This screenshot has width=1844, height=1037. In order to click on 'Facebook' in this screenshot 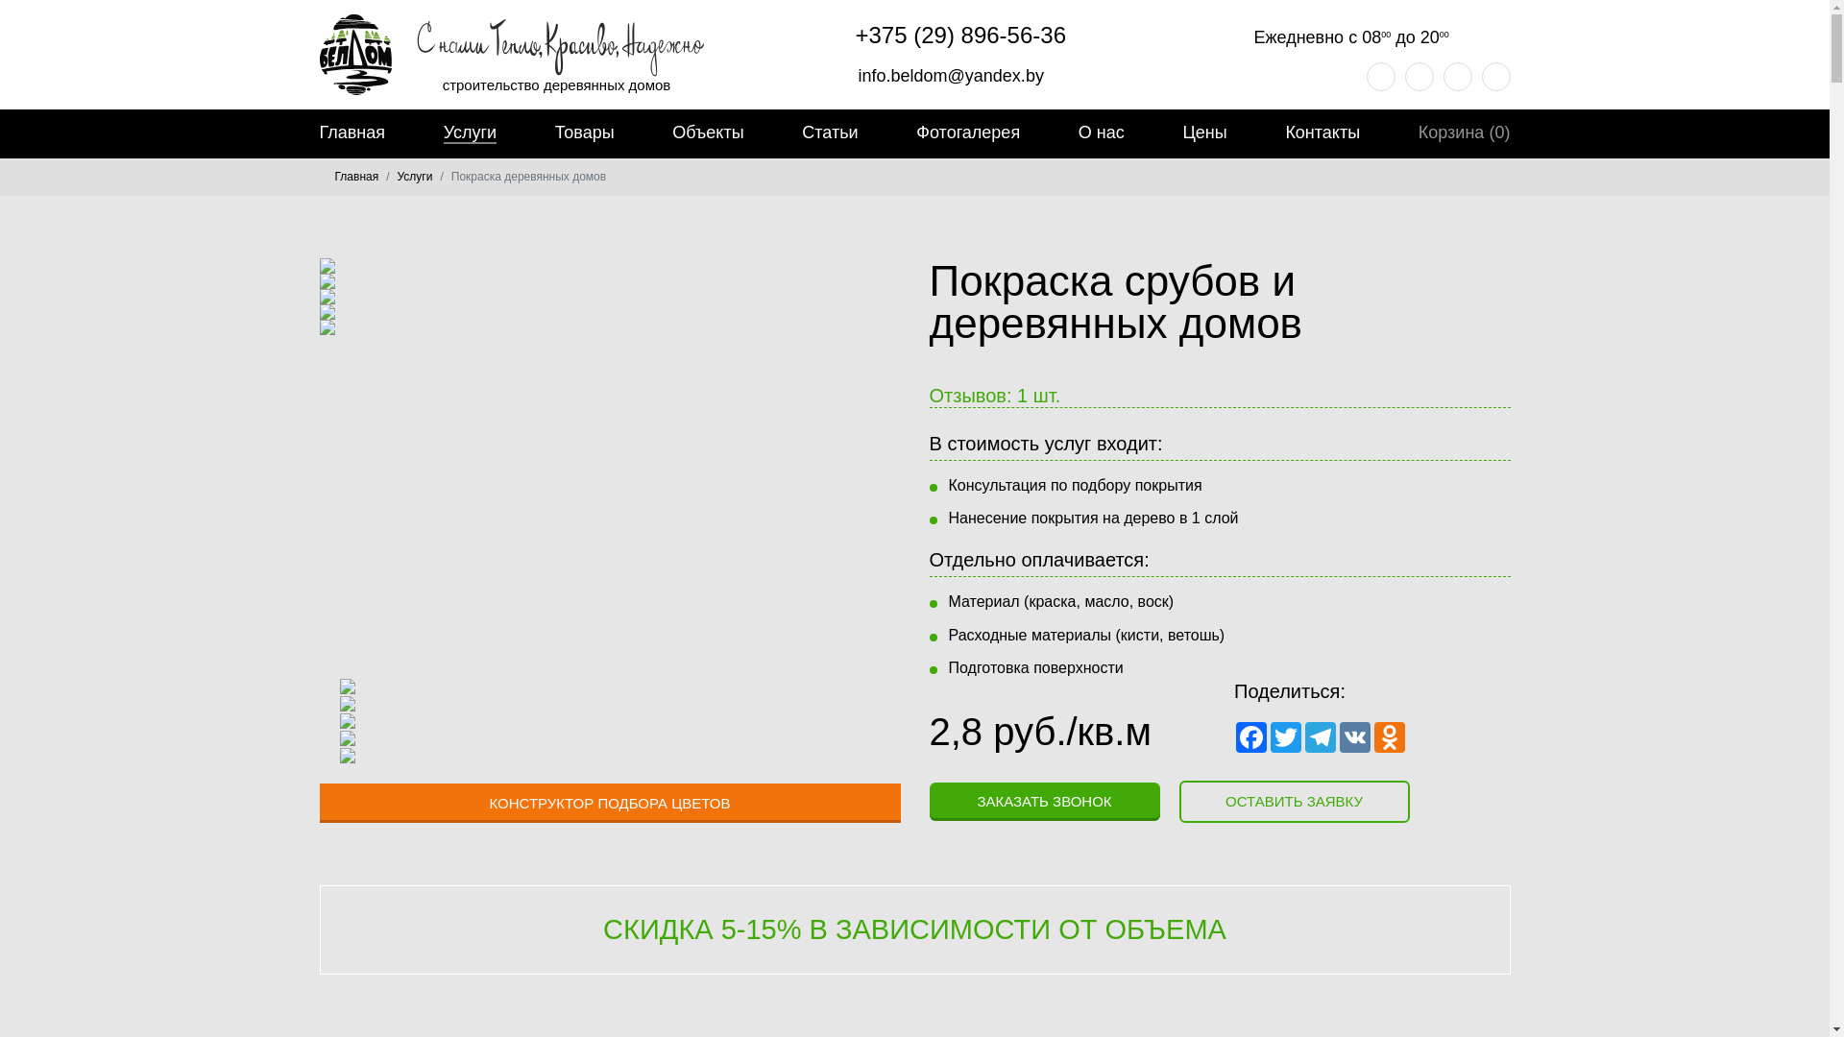, I will do `click(1250, 736)`.